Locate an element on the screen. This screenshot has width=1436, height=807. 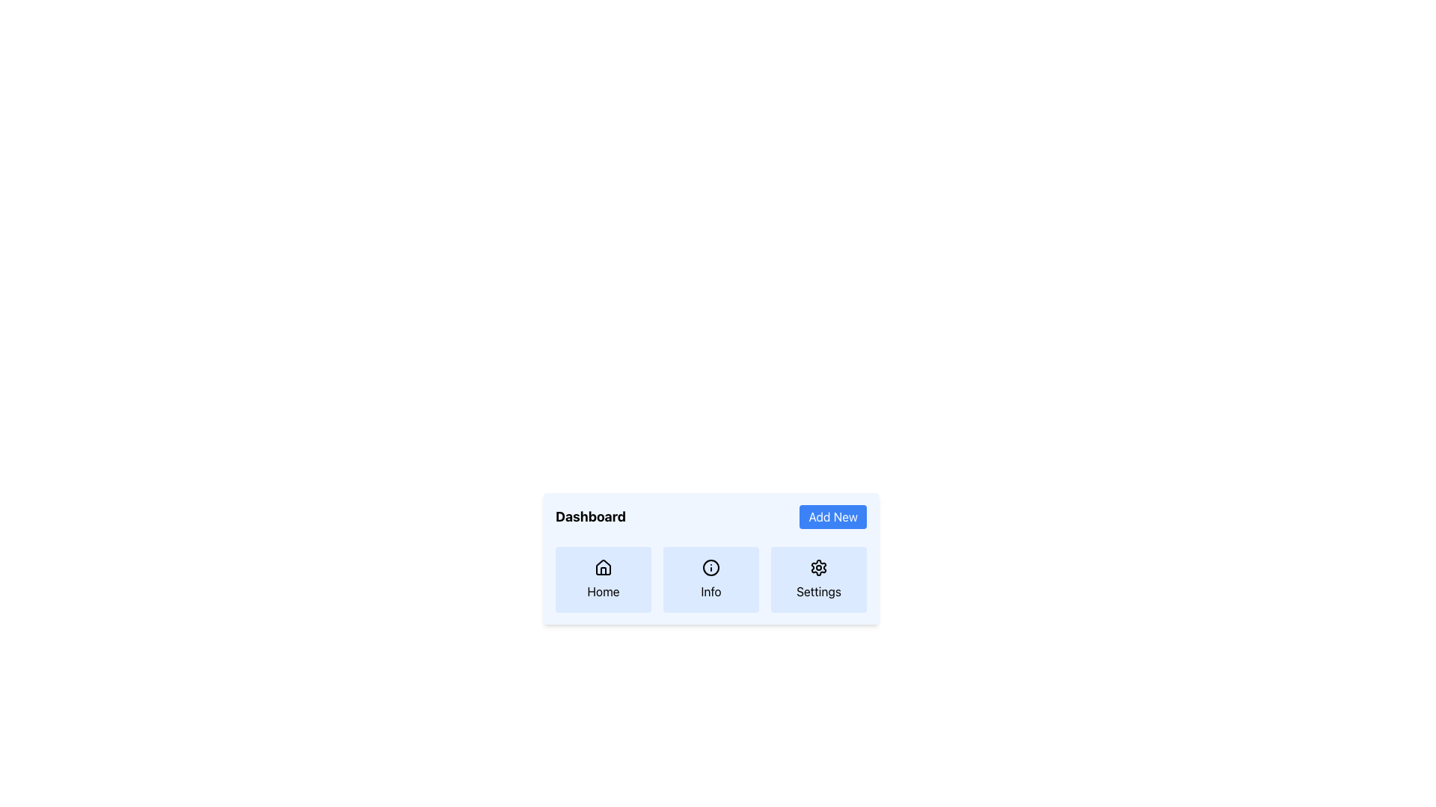
the interactive button labeled 'Info' with a circular letter 'i' icon, located in the middle column of a three-column grid is located at coordinates (710, 578).